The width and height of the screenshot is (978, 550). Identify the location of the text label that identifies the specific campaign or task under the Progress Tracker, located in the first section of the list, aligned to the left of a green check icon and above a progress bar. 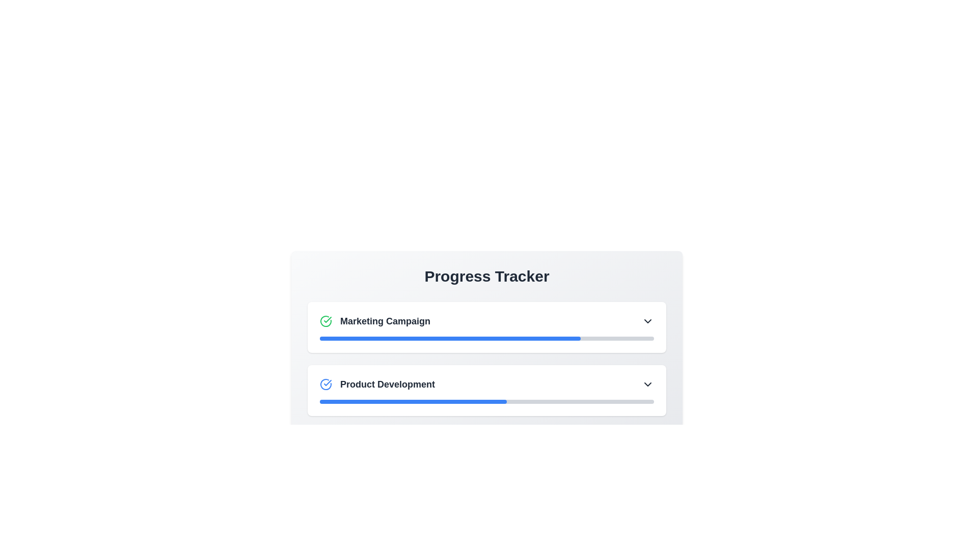
(385, 321).